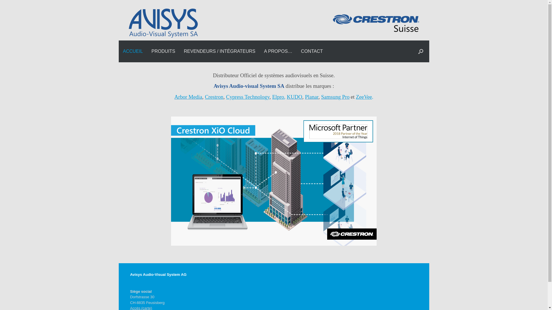  Describe the element at coordinates (132, 51) in the screenshot. I see `'ACCUEIL'` at that location.